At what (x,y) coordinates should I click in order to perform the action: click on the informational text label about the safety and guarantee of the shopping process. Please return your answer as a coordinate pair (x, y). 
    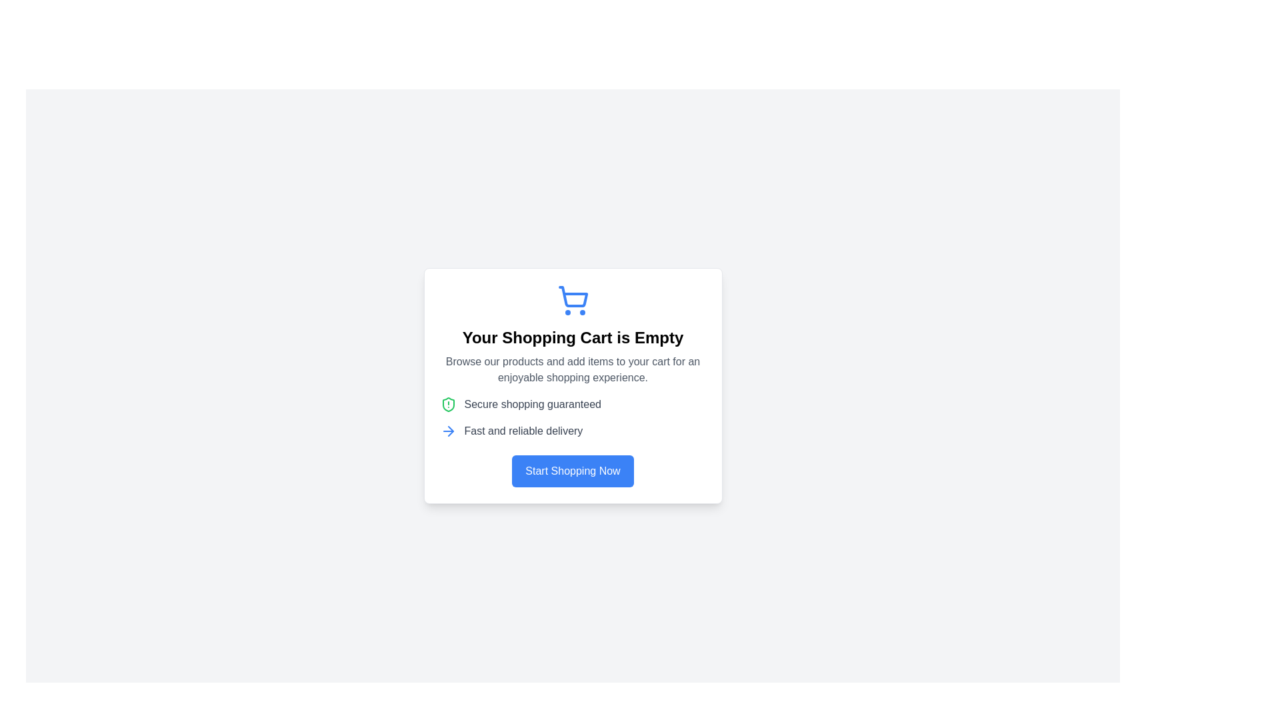
    Looking at the image, I should click on (532, 403).